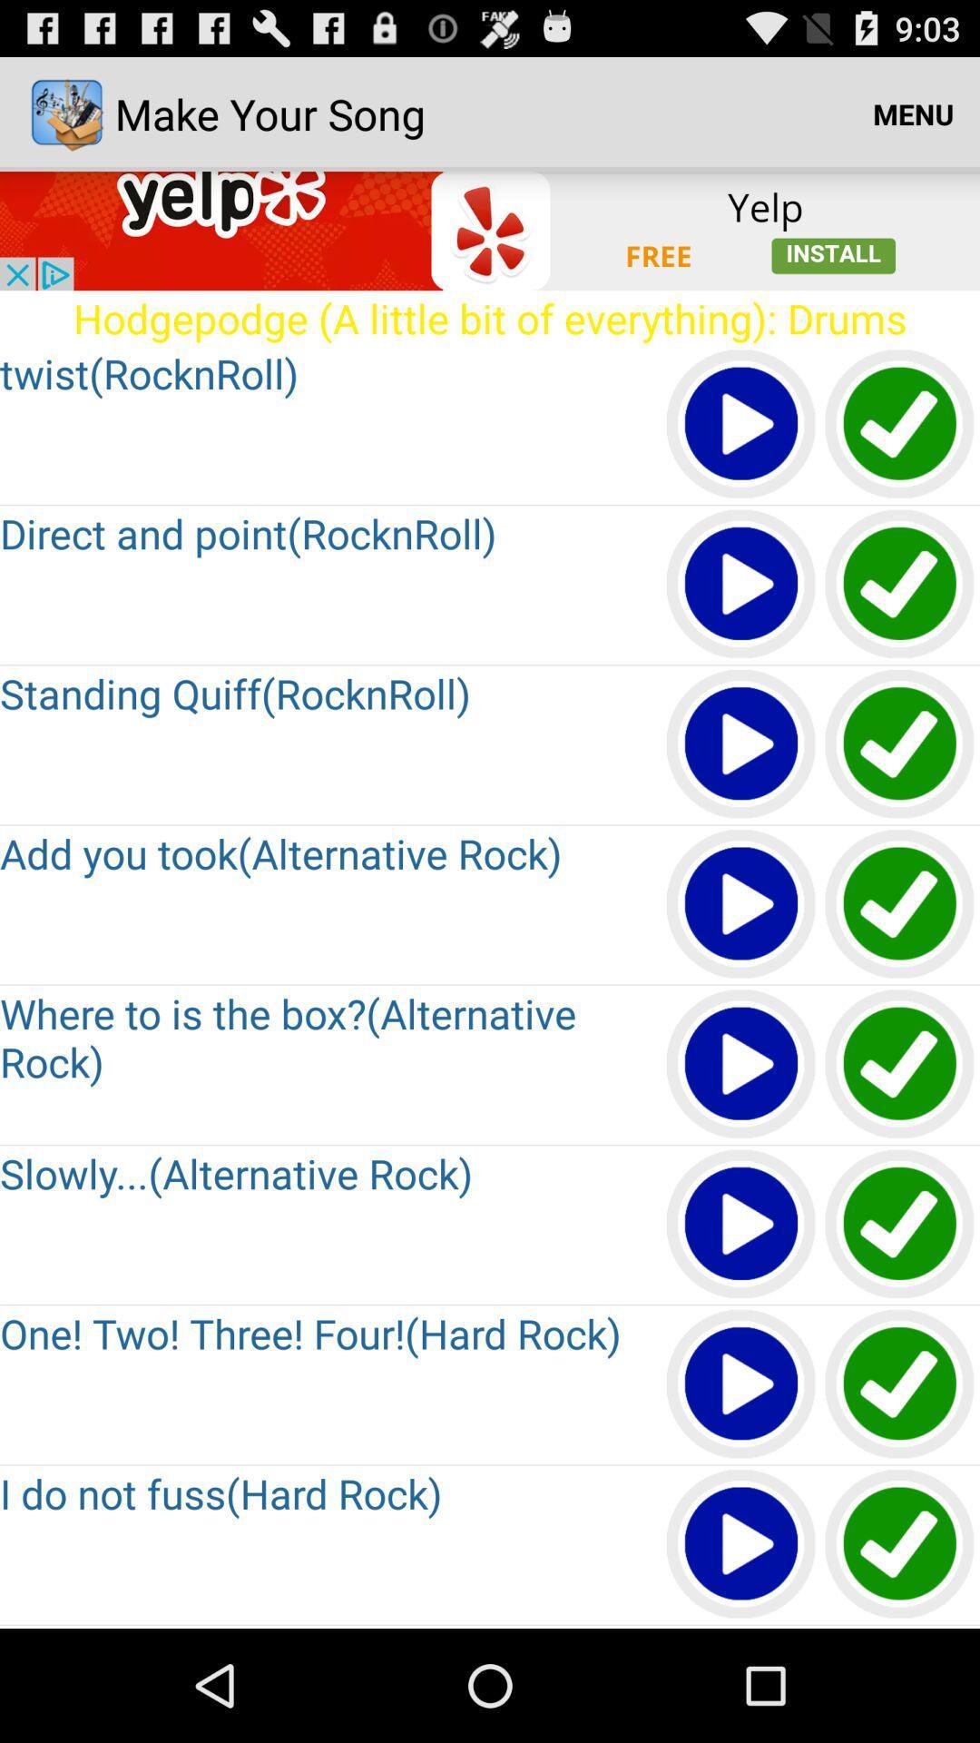  I want to click on autio paly, so click(741, 1065).